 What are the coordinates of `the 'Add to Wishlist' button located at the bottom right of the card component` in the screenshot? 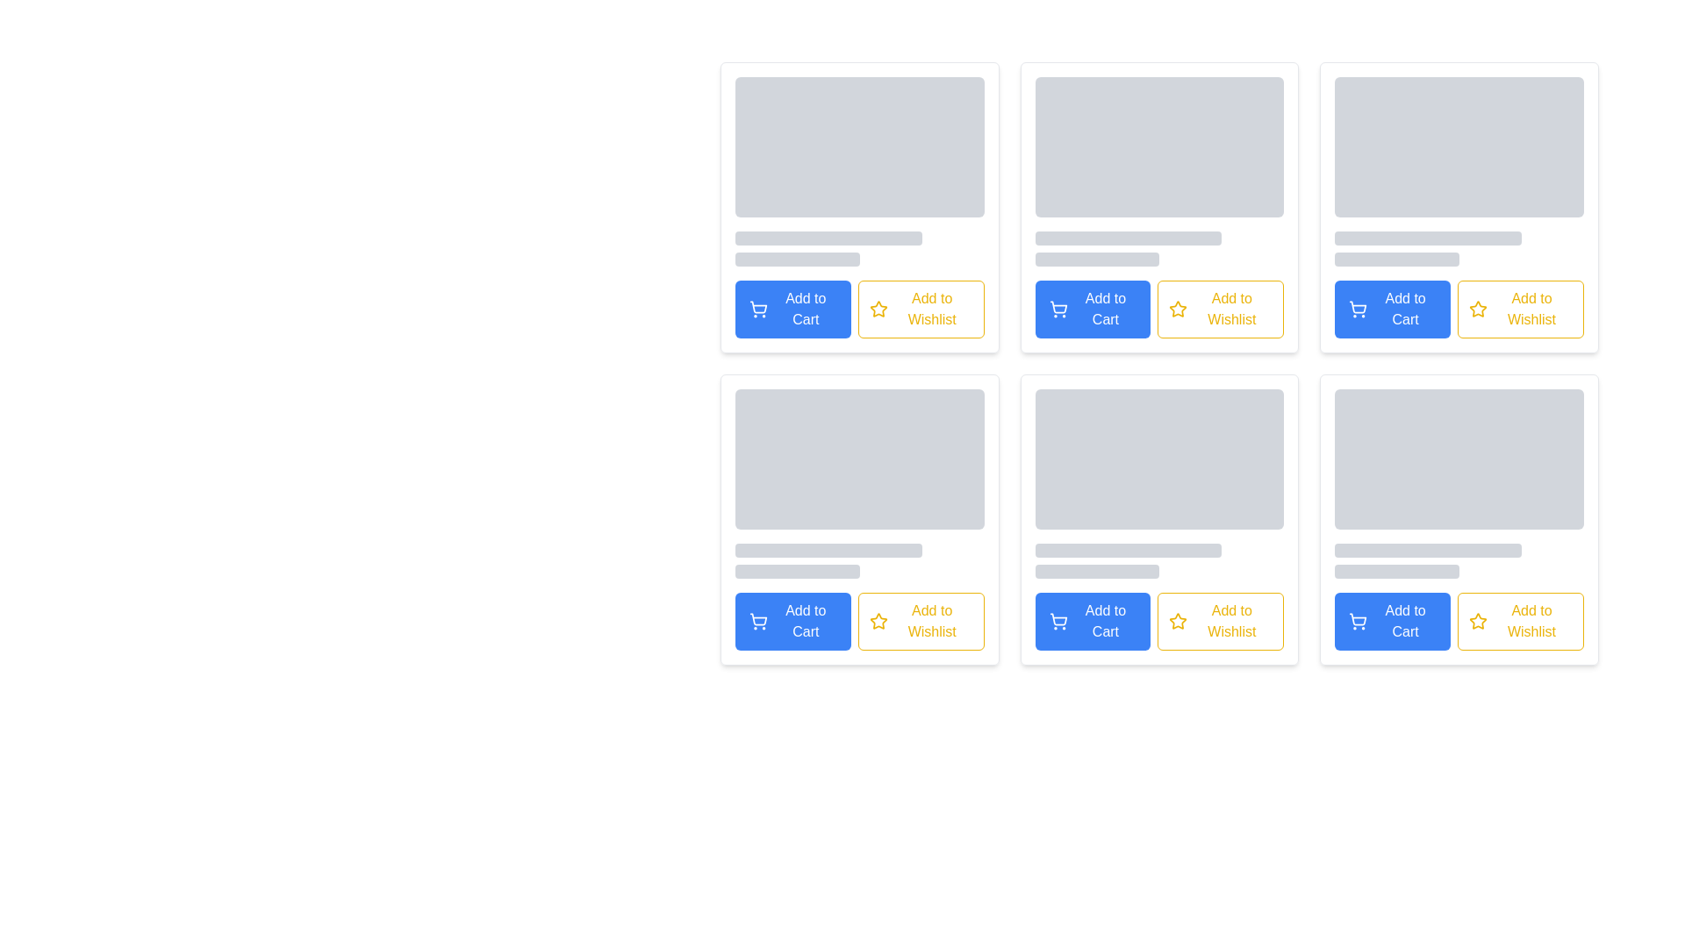 It's located at (920, 621).